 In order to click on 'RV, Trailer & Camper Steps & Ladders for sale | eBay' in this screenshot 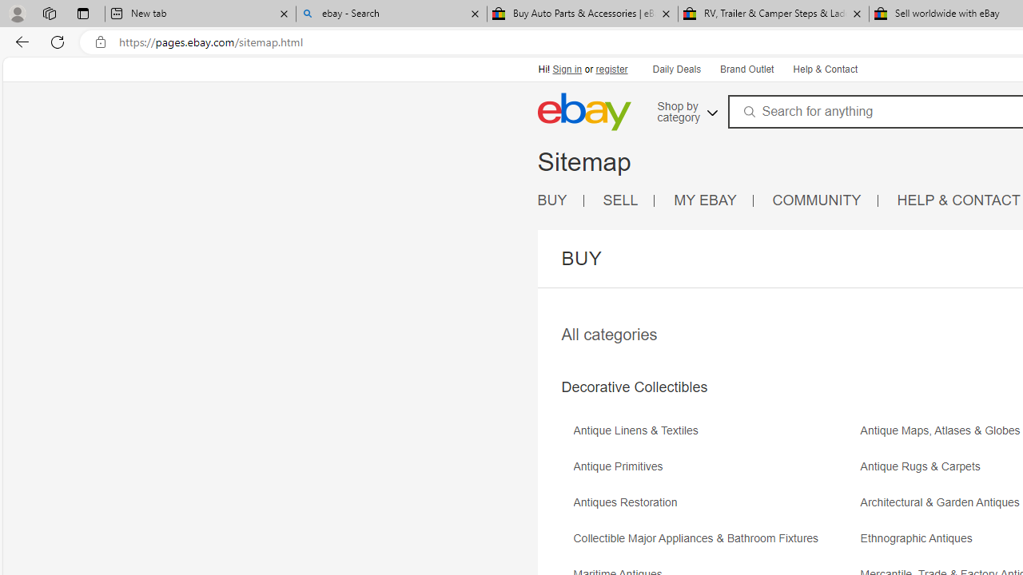, I will do `click(773, 14)`.